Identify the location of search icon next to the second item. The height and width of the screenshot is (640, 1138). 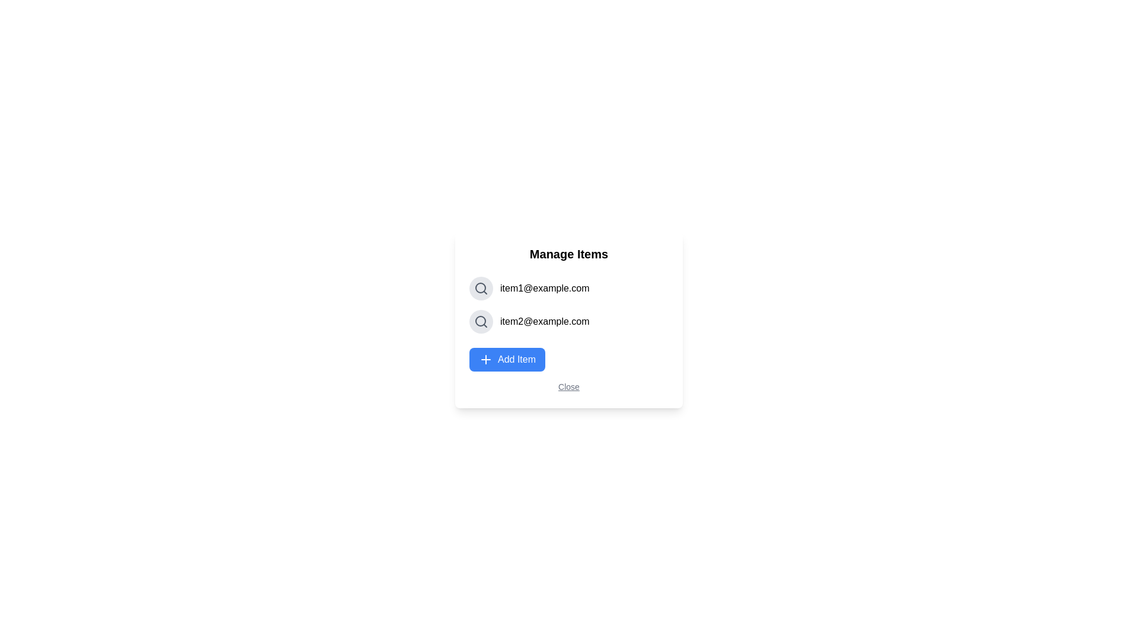
(481, 322).